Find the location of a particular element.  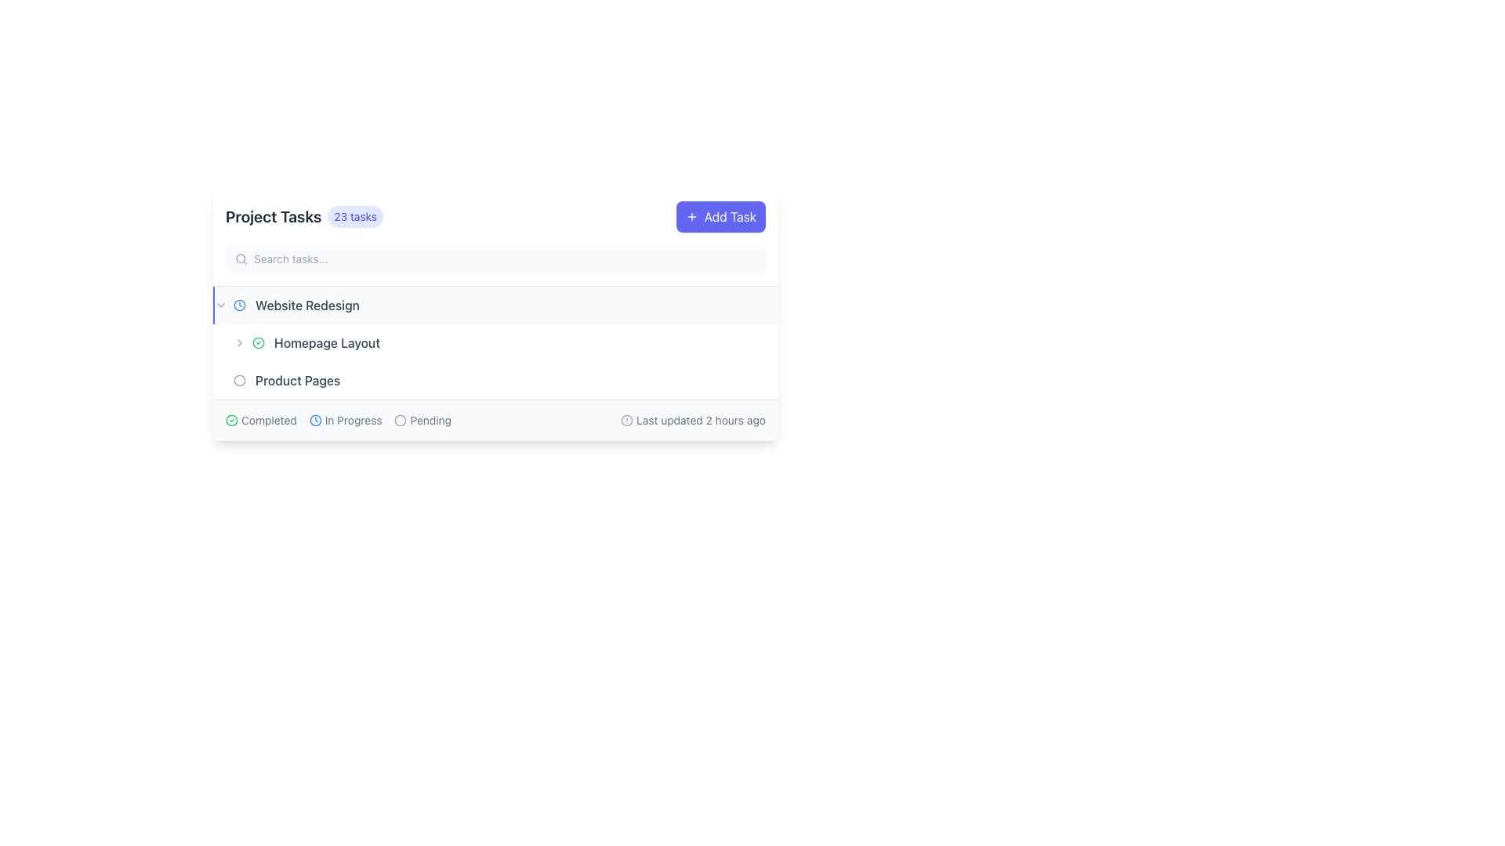

the circular icon with a checkmark inside, styled with a green border, located in the bottom section of the interface near the 'Completed' text is located at coordinates (231, 419).